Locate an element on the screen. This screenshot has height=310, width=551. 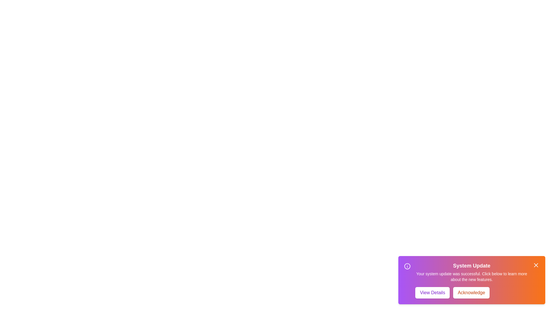
close button on the notification to dismiss it is located at coordinates (536, 265).